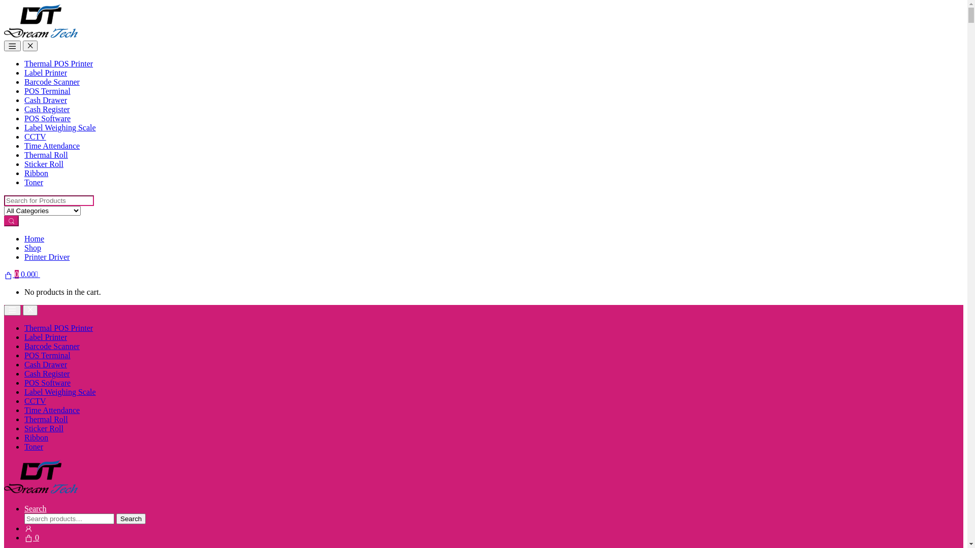  Describe the element at coordinates (45, 364) in the screenshot. I see `'Cash Drawer'` at that location.